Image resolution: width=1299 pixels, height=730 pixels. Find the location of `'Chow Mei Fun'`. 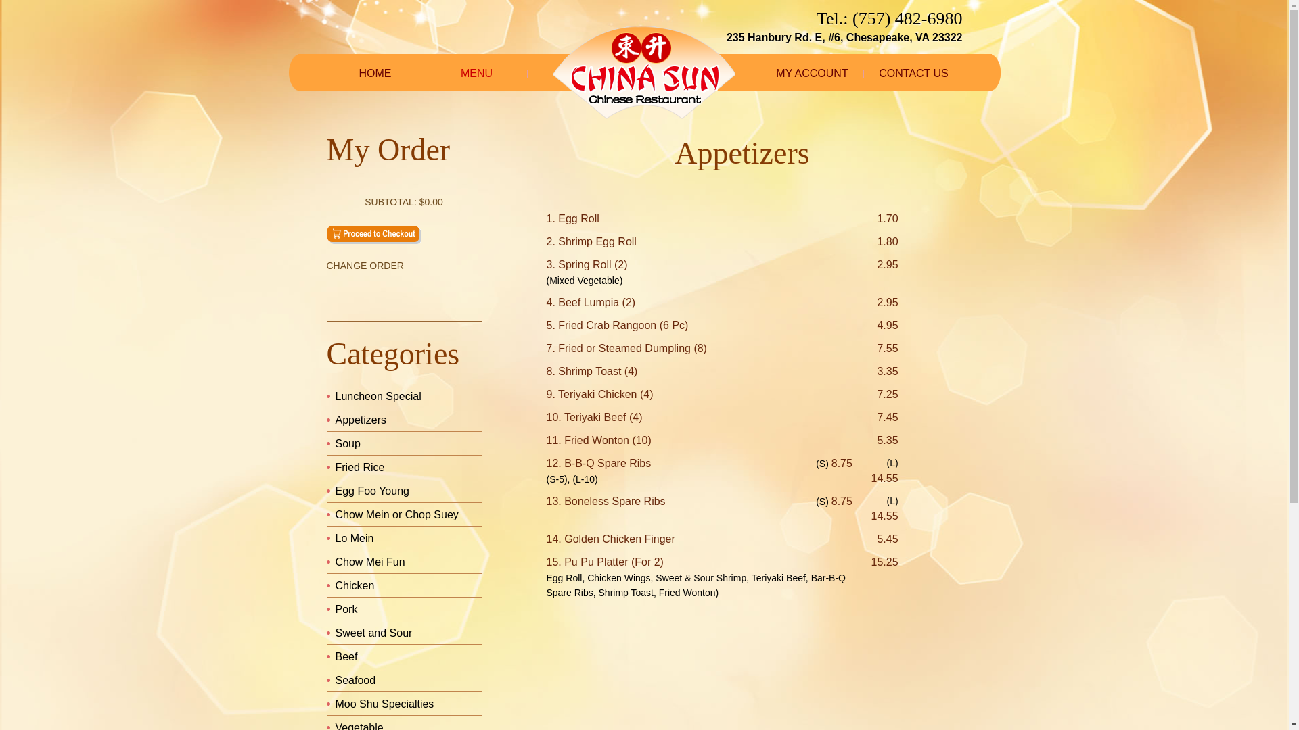

'Chow Mei Fun' is located at coordinates (370, 562).